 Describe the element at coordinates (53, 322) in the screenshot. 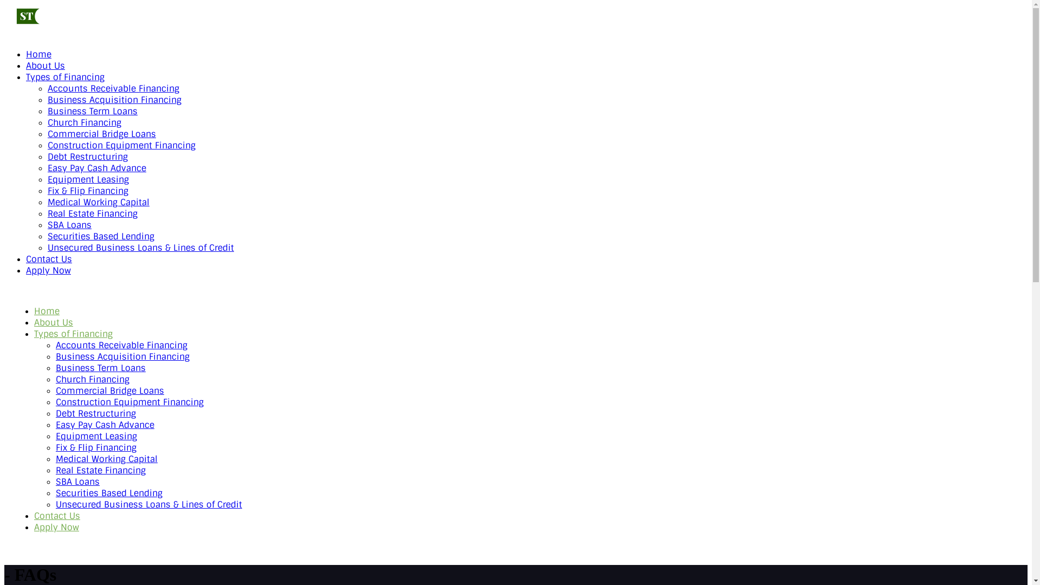

I see `'About Us'` at that location.